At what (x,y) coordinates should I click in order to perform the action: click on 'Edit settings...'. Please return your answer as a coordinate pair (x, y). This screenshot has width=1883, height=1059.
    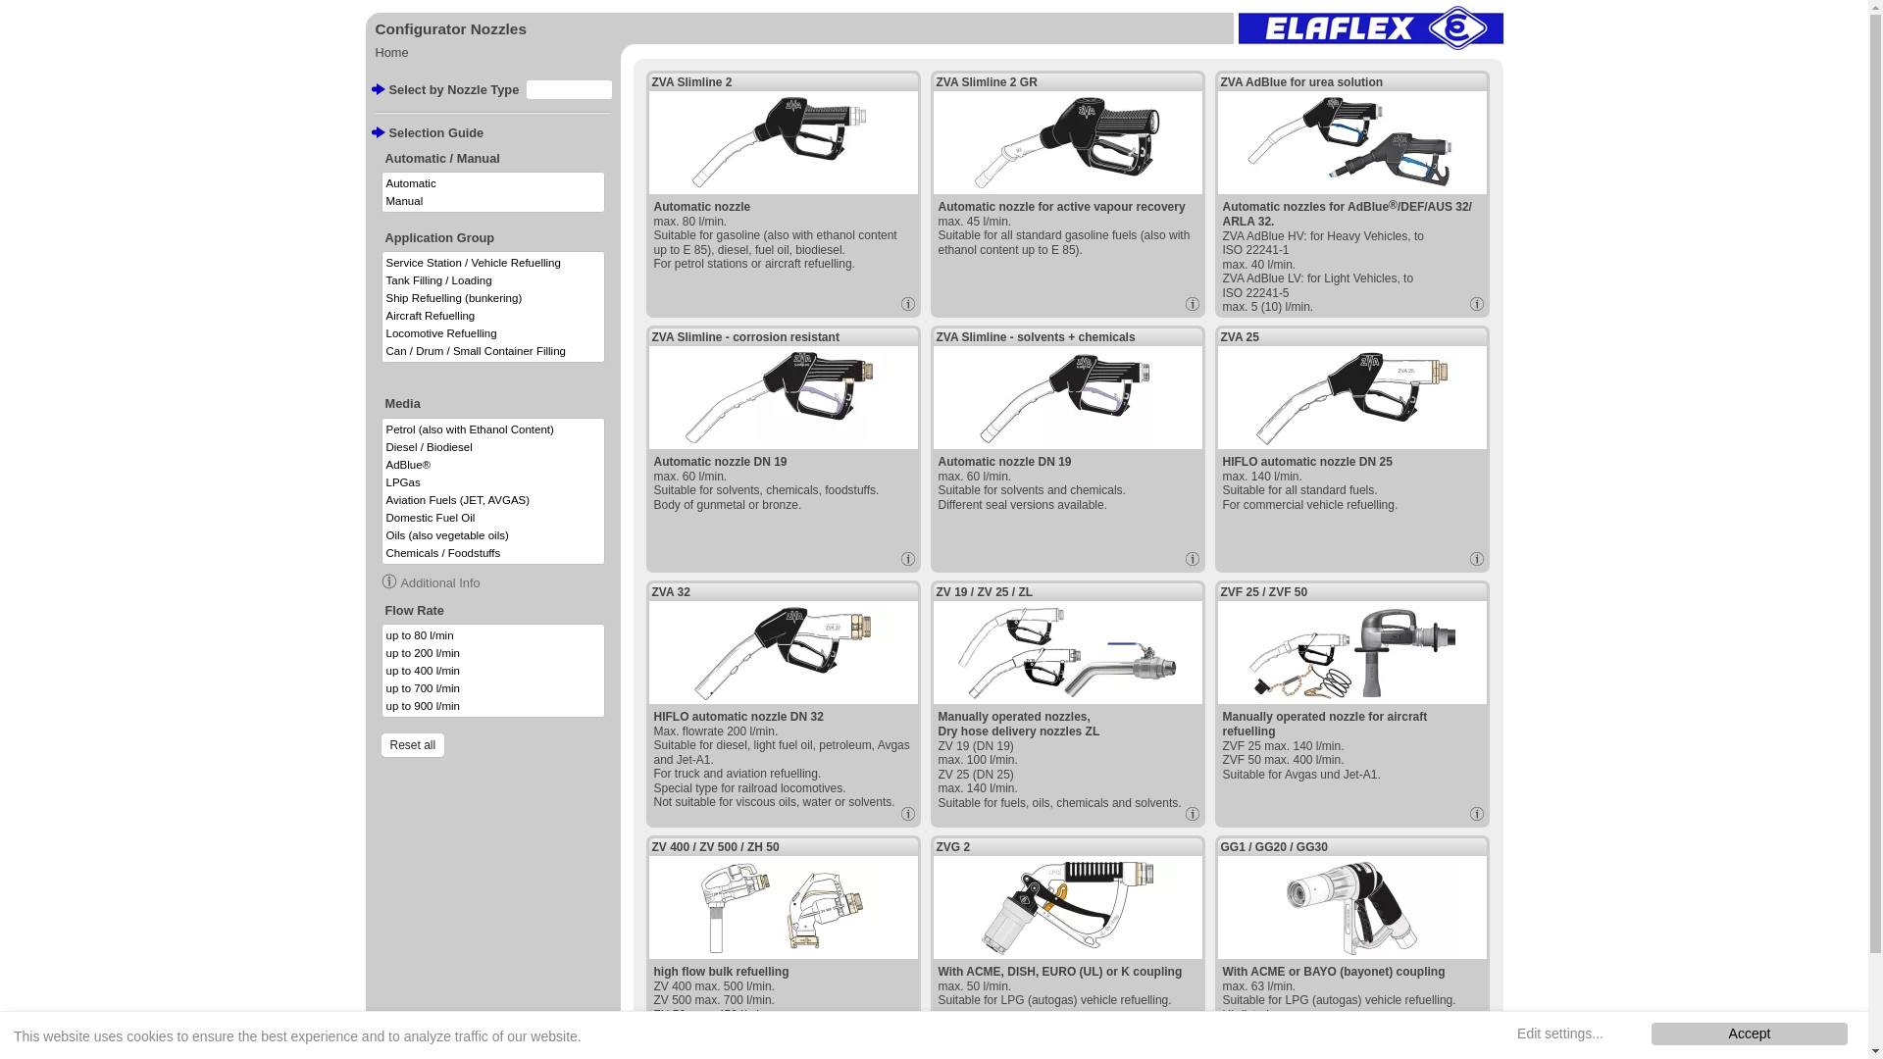
    Looking at the image, I should click on (1558, 1033).